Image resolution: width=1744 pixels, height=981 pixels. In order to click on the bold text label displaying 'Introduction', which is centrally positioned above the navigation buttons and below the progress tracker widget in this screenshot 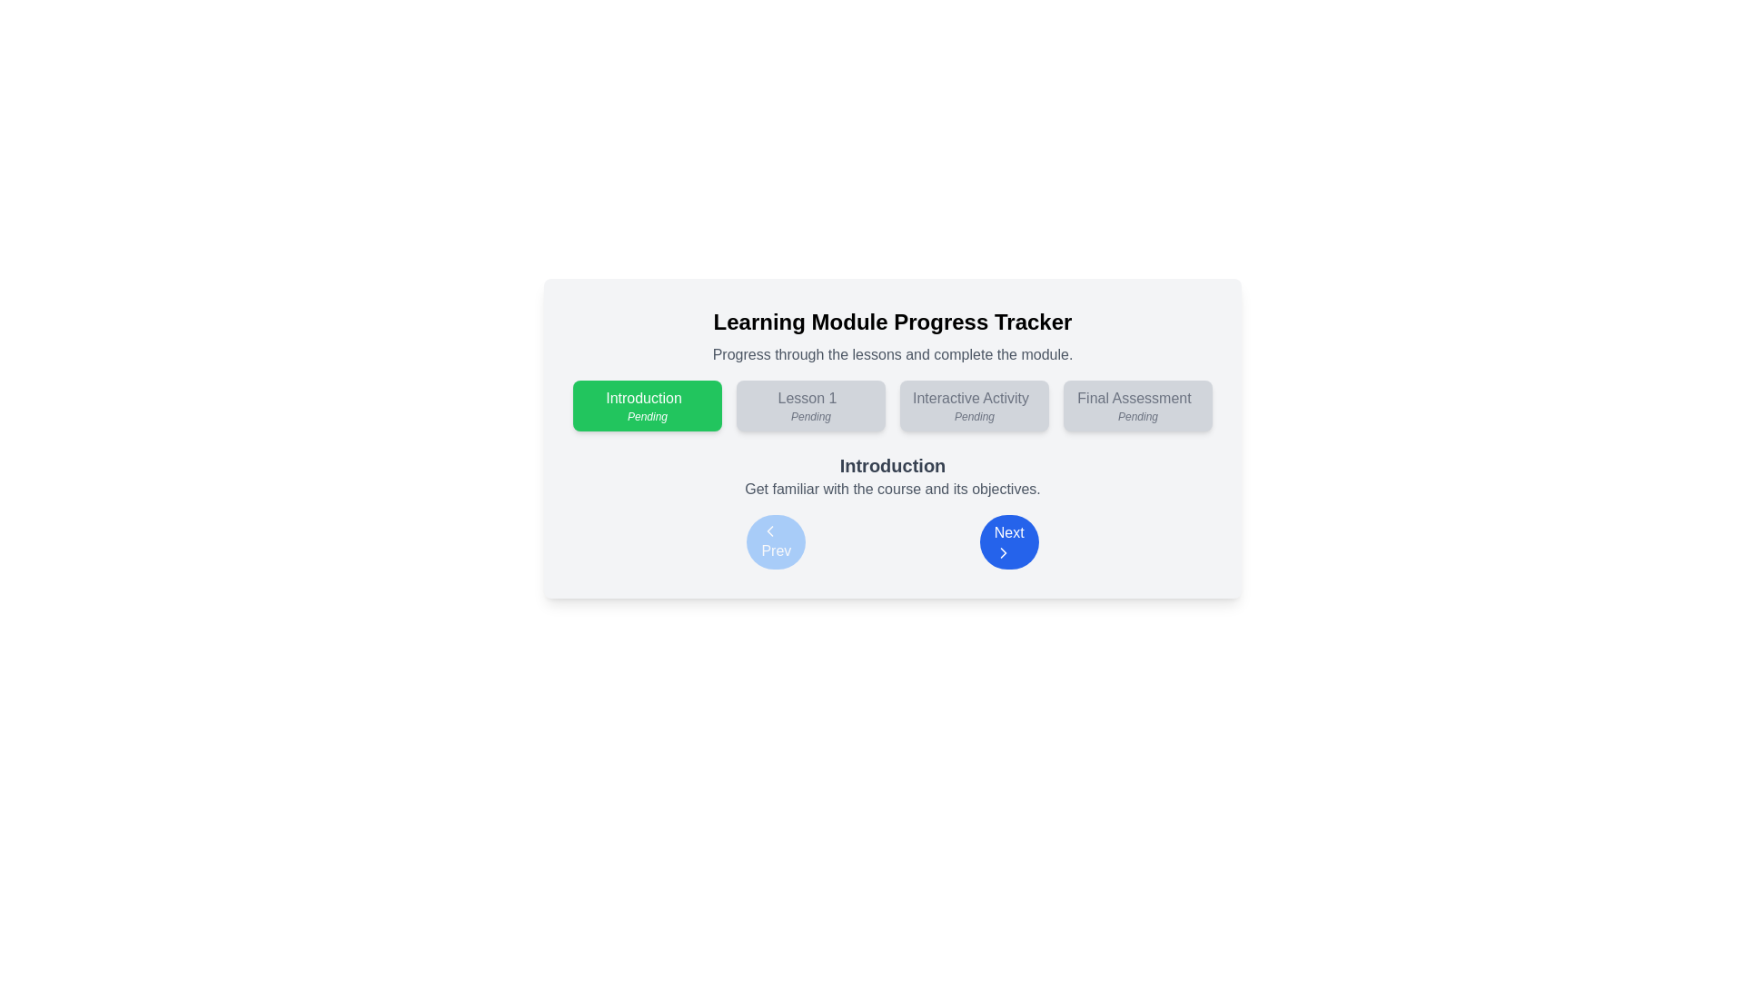, I will do `click(893, 465)`.